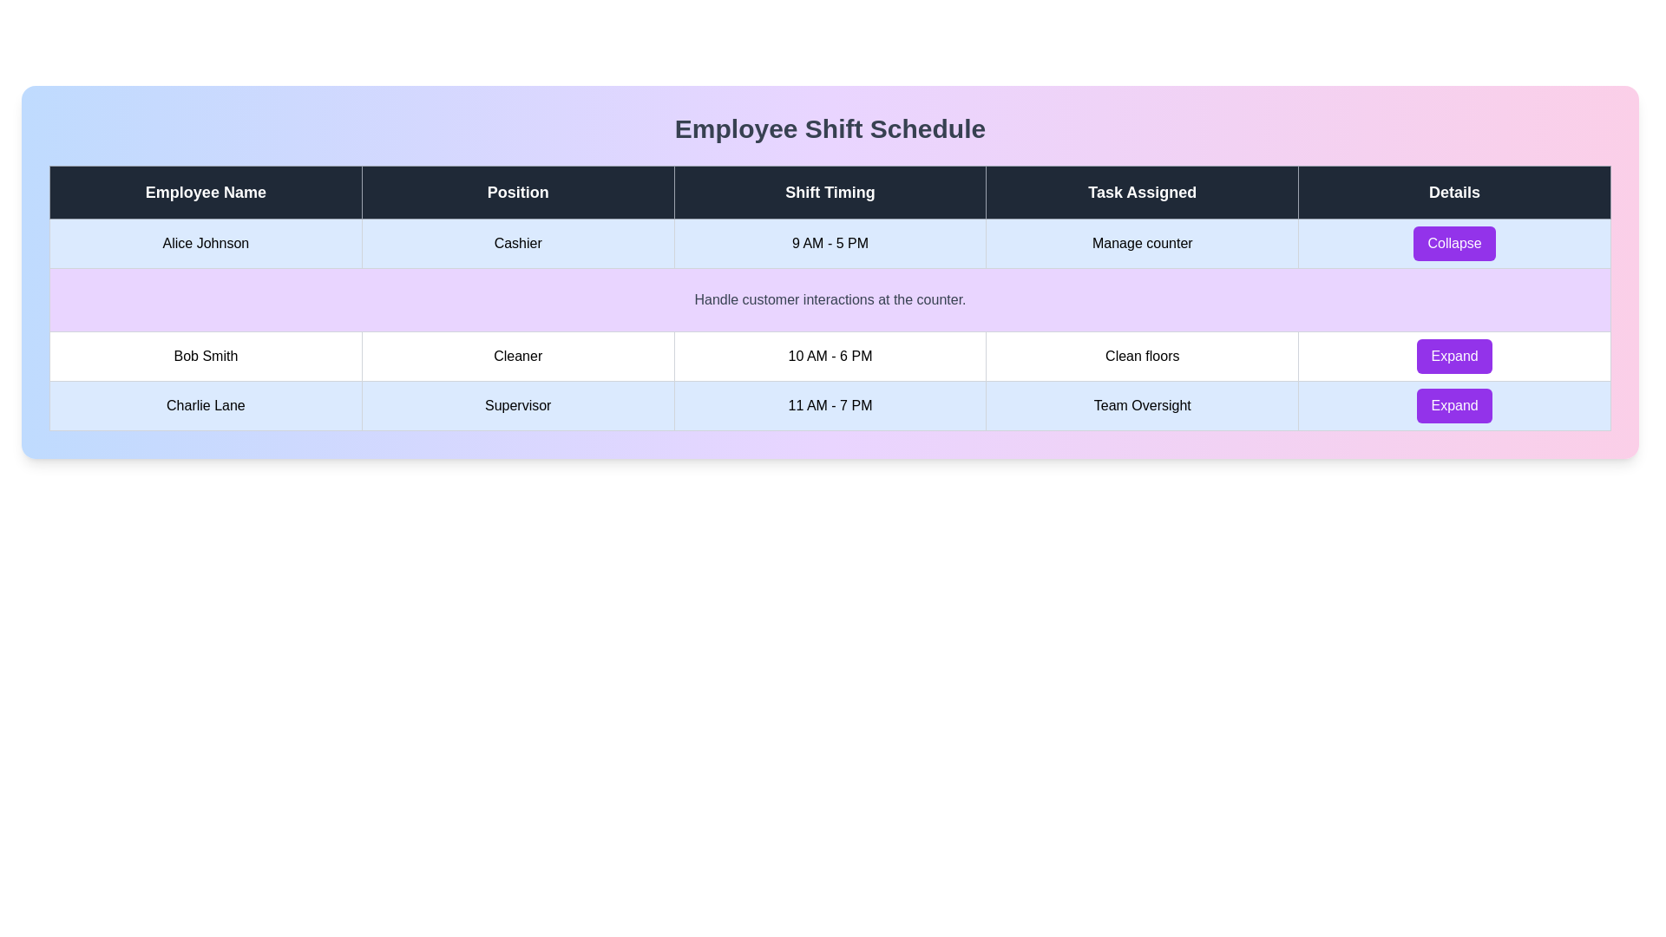 This screenshot has width=1666, height=937. I want to click on the 'Details' button located in the last column of the row corresponding to 'Charlie Lane's' shift details for keyboard navigation, so click(1454, 405).